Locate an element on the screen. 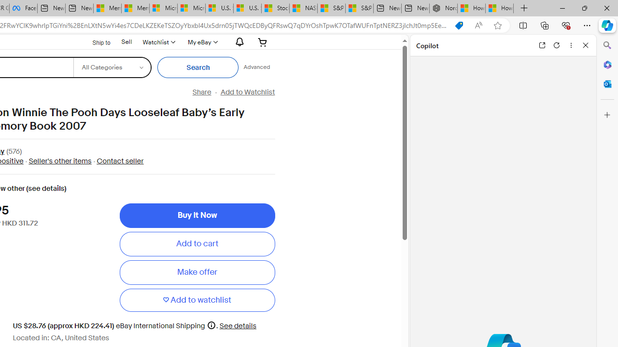  'Outlook' is located at coordinates (607, 83).